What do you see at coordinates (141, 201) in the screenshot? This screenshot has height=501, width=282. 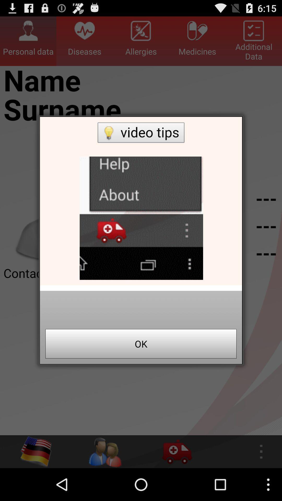 I see `instructions` at bounding box center [141, 201].